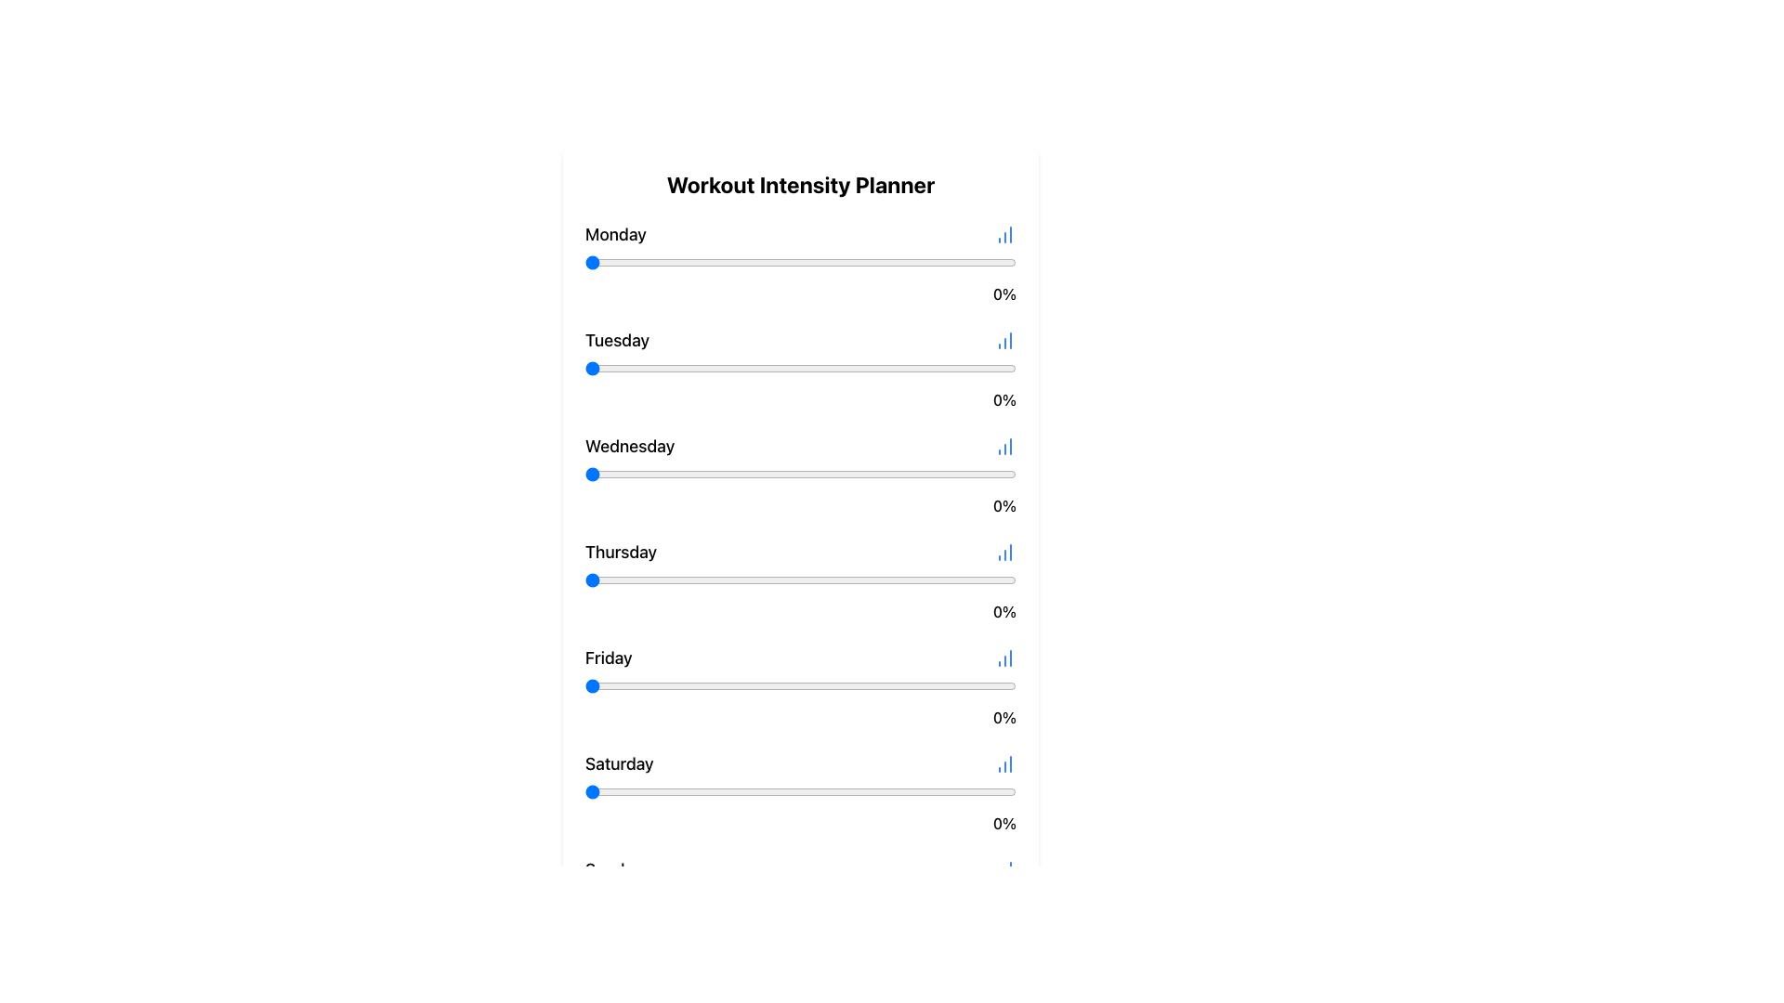 The height and width of the screenshot is (1003, 1784). I want to click on the Tuesday intensity level, so click(864, 369).